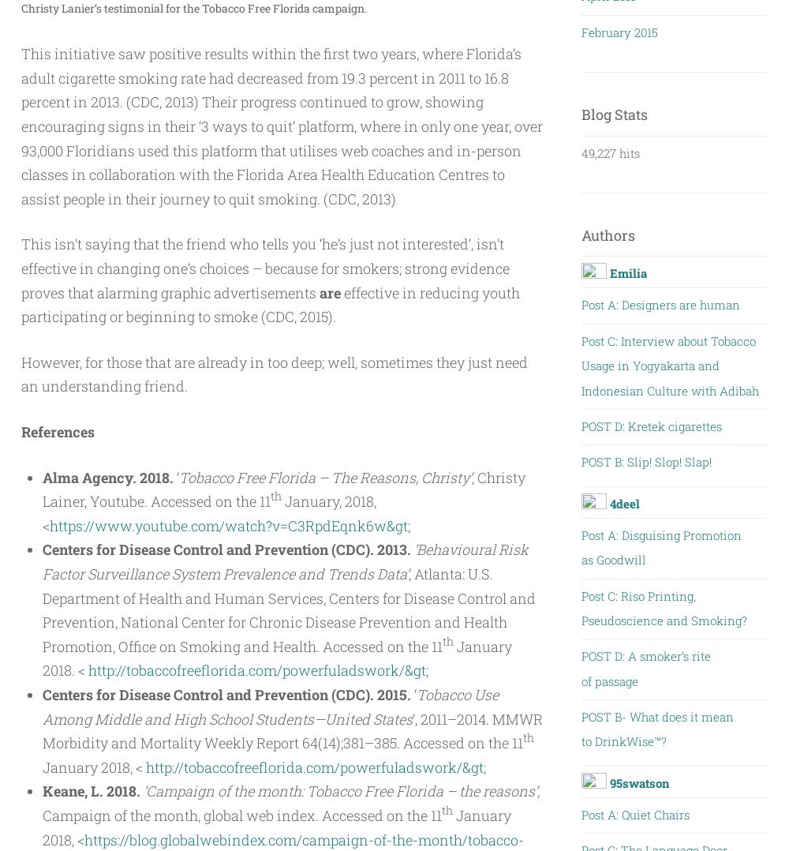 The height and width of the screenshot is (851, 789). I want to click on 'This isn’t saying that the friend who tells you ‘he’s just not interested’, isn’t effective in changing one’s choices – because for smokers; strong evidence proves that alarming graphic advertisements', so click(21, 267).